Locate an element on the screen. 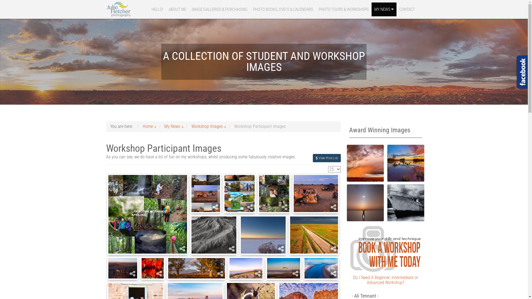 Image resolution: width=532 pixels, height=299 pixels. 'Workshop Images' is located at coordinates (206, 126).